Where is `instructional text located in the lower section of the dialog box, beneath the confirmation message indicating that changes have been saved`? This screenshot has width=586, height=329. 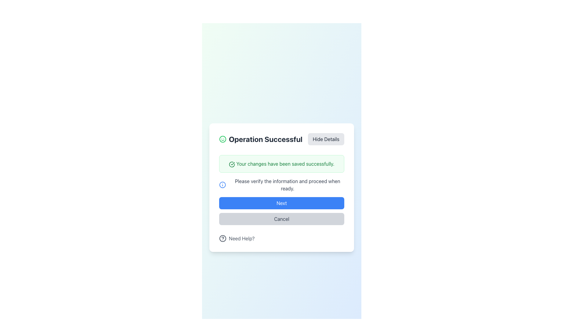
instructional text located in the lower section of the dialog box, beneath the confirmation message indicating that changes have been saved is located at coordinates (287, 184).